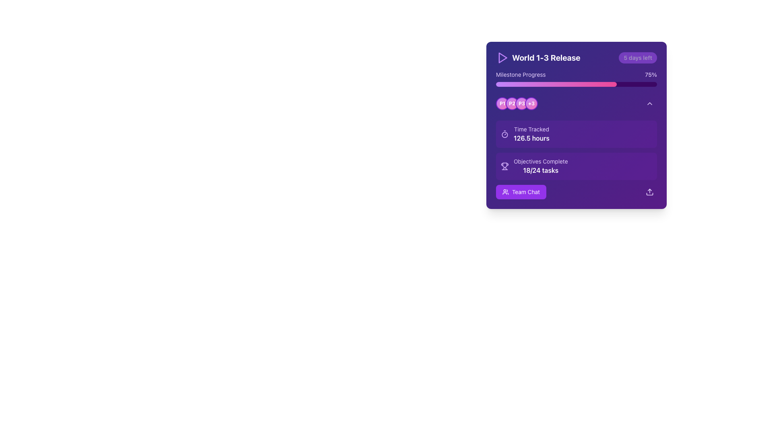  What do you see at coordinates (521, 192) in the screenshot?
I see `the 'Team Chat' button with a purple background and white text` at bounding box center [521, 192].